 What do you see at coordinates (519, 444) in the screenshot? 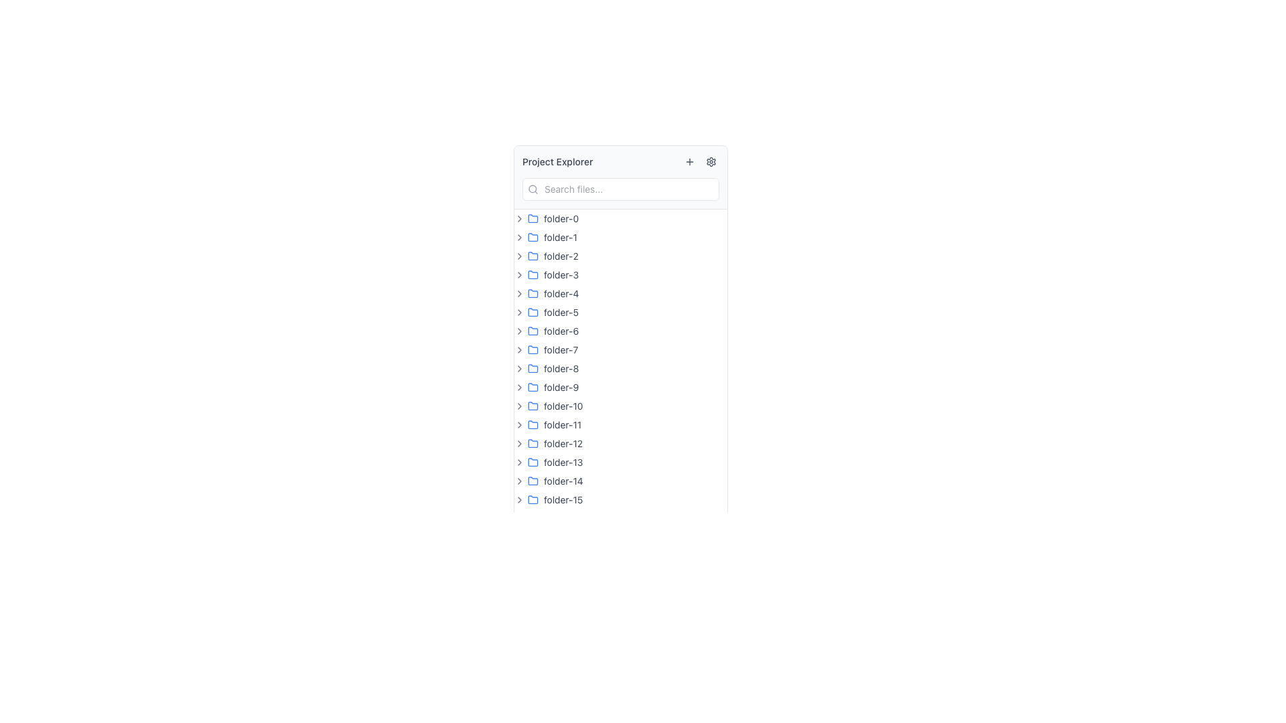
I see `the small right-pointing chevron icon, which is positioned to the left of the folder icon labeled 'folder-12'` at bounding box center [519, 444].